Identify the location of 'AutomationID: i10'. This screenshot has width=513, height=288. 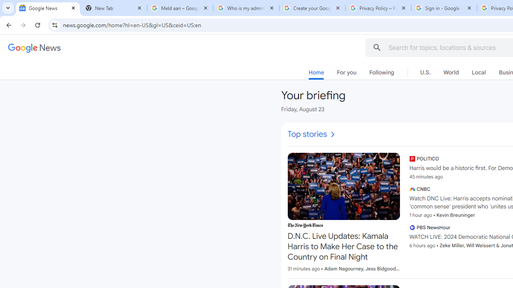
(332, 134).